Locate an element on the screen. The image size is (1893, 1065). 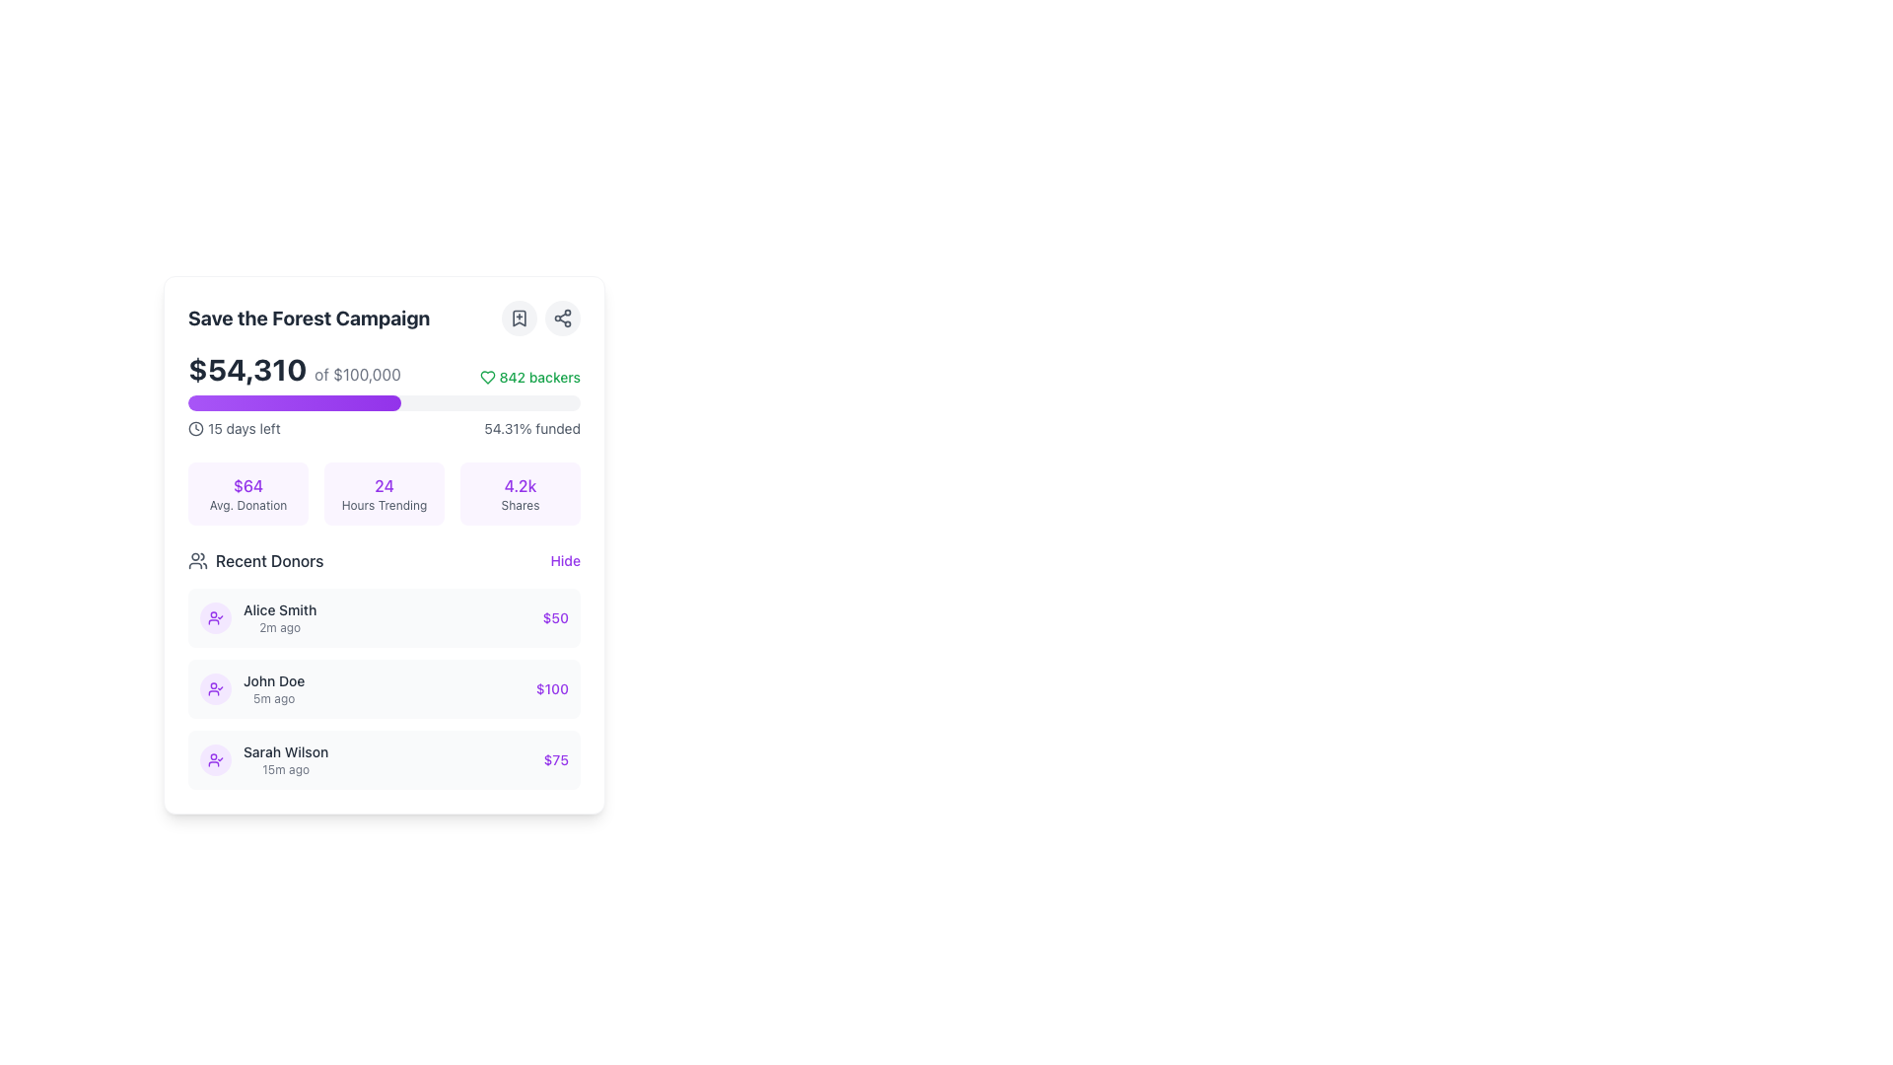
the numerical text '24' styled in bold purple font, which is positioned above the 'Hours Trending' label in a card-like UI component is located at coordinates (384, 486).